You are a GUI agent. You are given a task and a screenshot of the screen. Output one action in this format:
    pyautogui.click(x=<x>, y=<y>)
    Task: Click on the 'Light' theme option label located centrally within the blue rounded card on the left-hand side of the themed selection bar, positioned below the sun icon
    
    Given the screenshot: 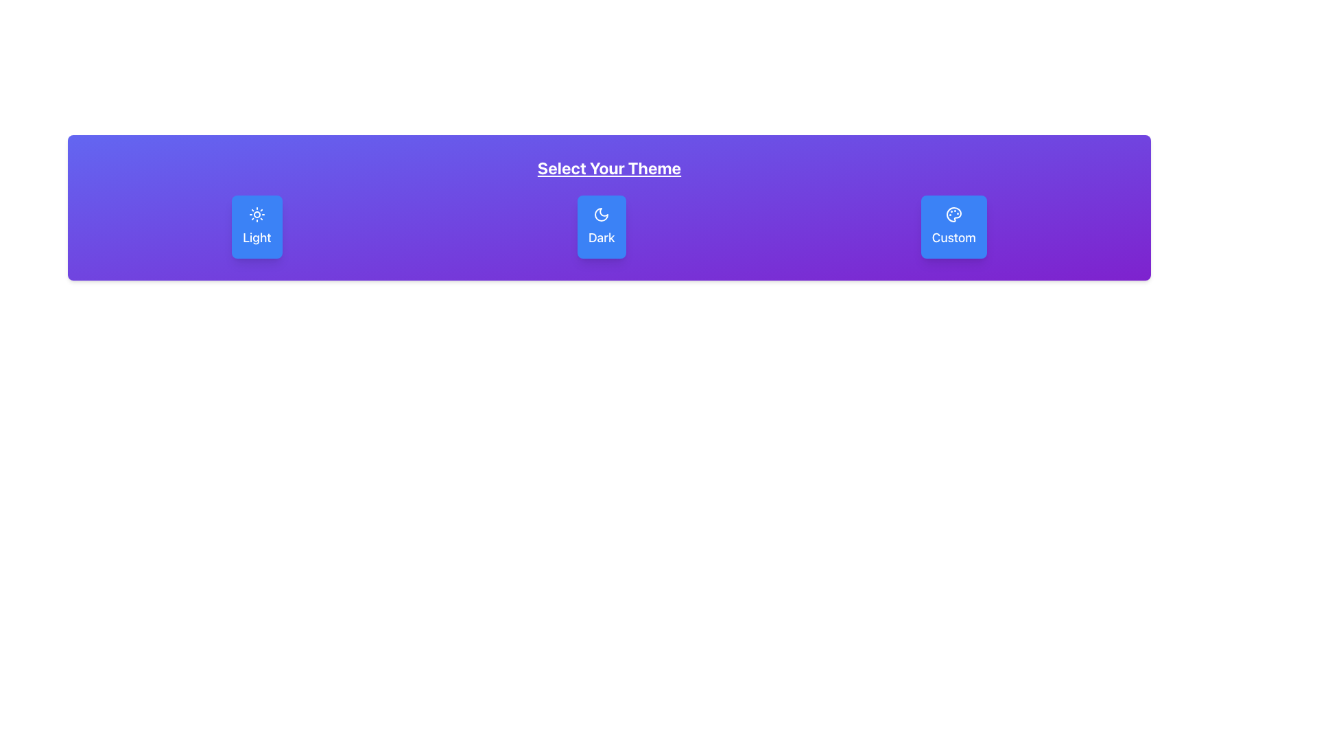 What is the action you would take?
    pyautogui.click(x=257, y=237)
    